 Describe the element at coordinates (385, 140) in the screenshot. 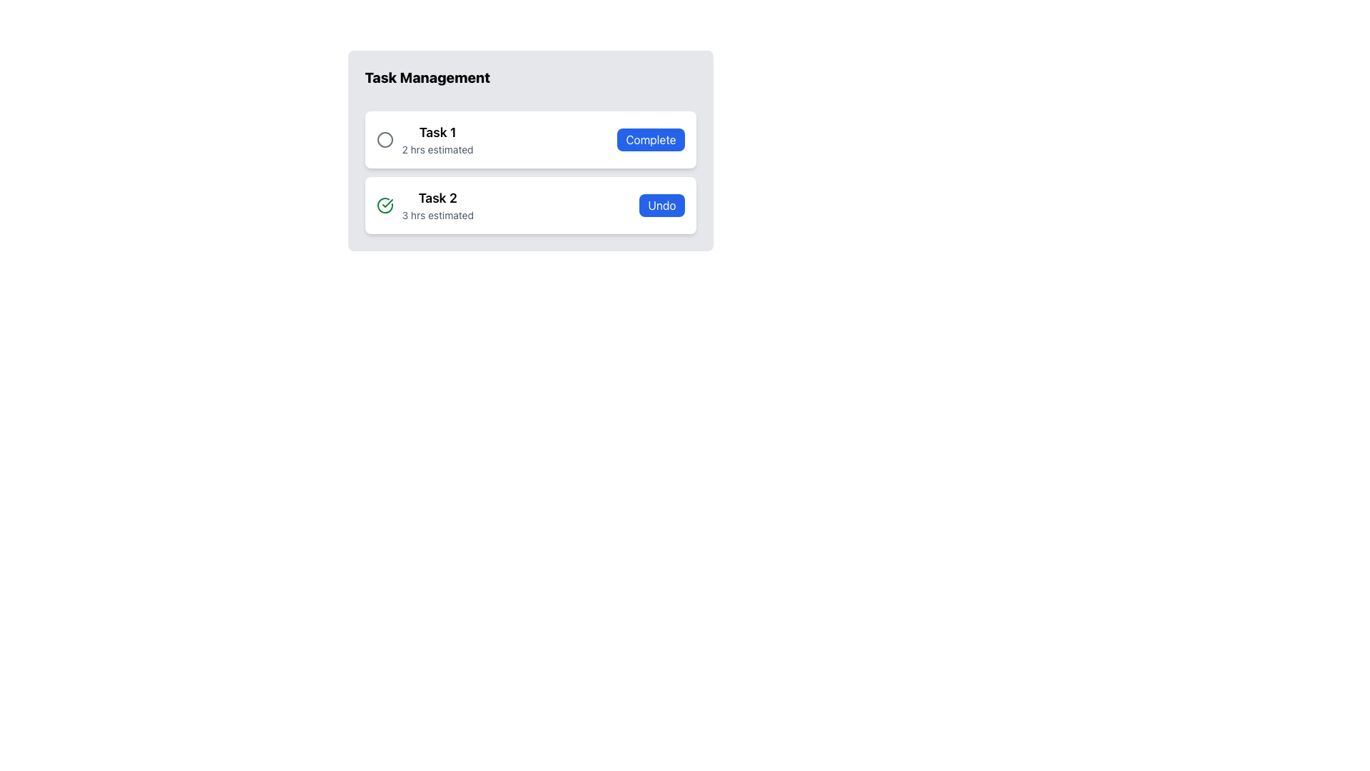

I see `the circular SVG icon located to the left of the text 'Task 1' in the task management module` at that location.